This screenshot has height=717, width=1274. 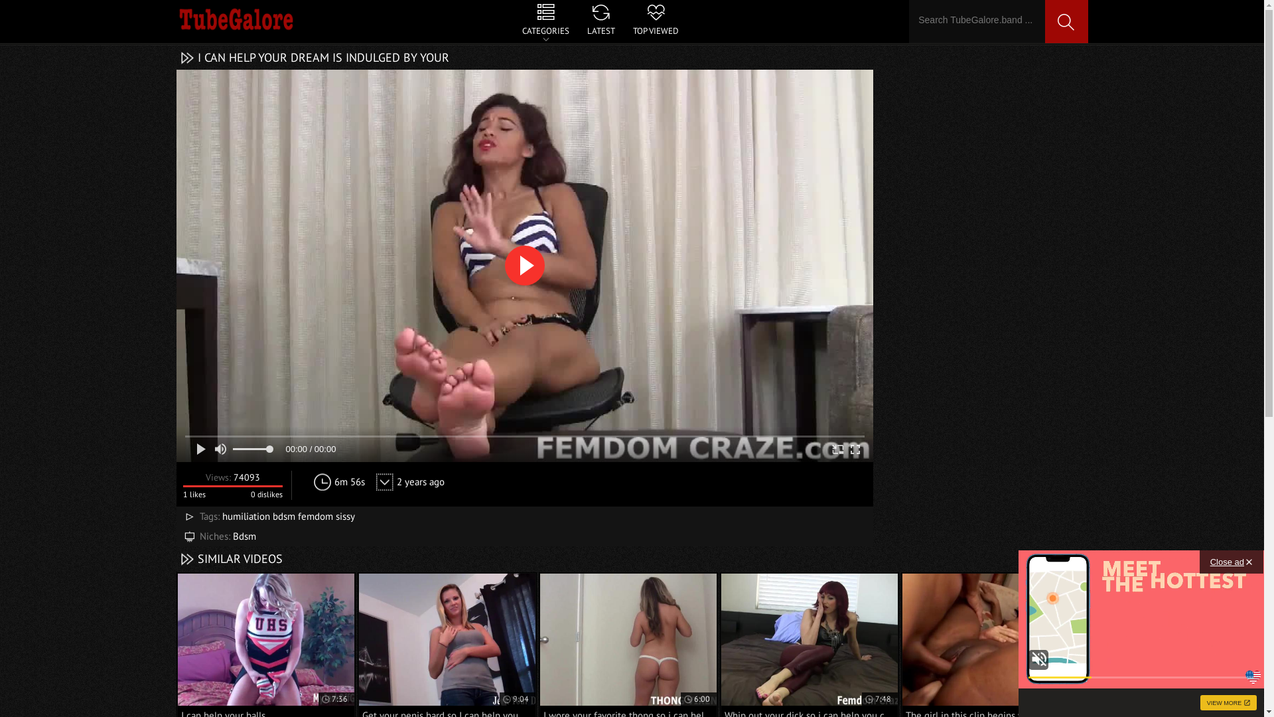 I want to click on 'TubeGalore', so click(x=236, y=20).